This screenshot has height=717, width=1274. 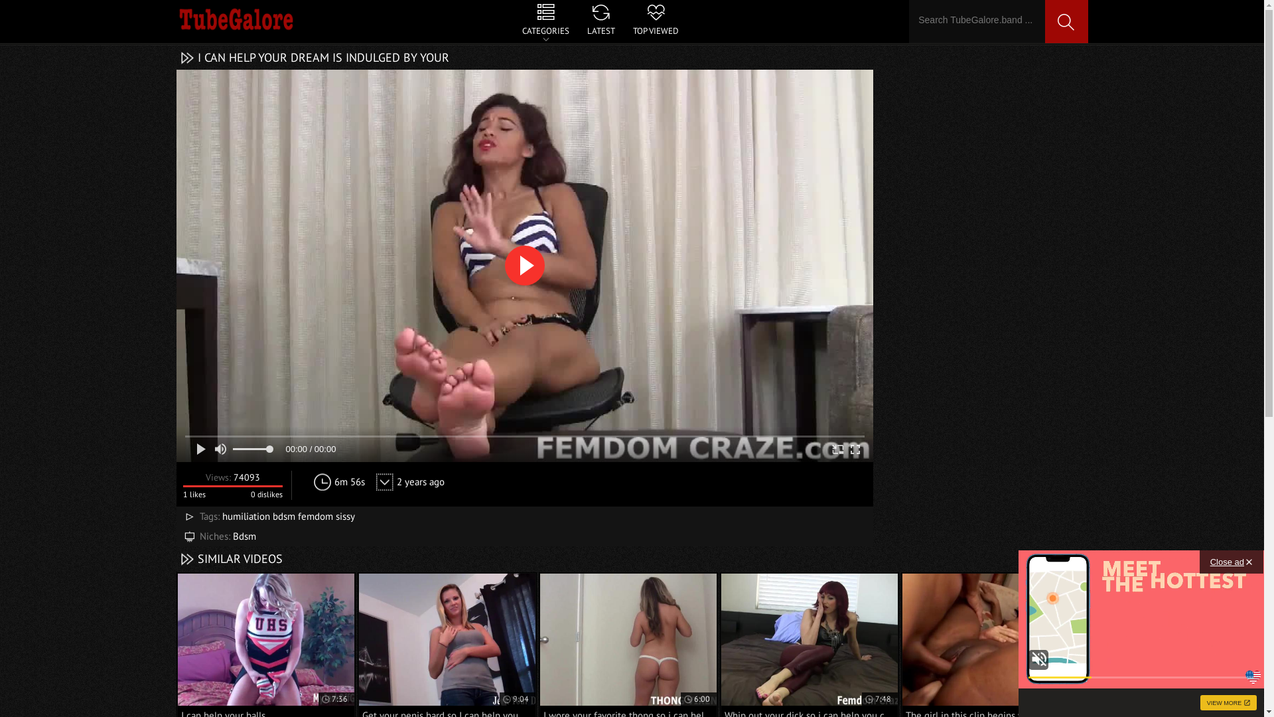 I want to click on 'TubeGalore', so click(x=236, y=20).